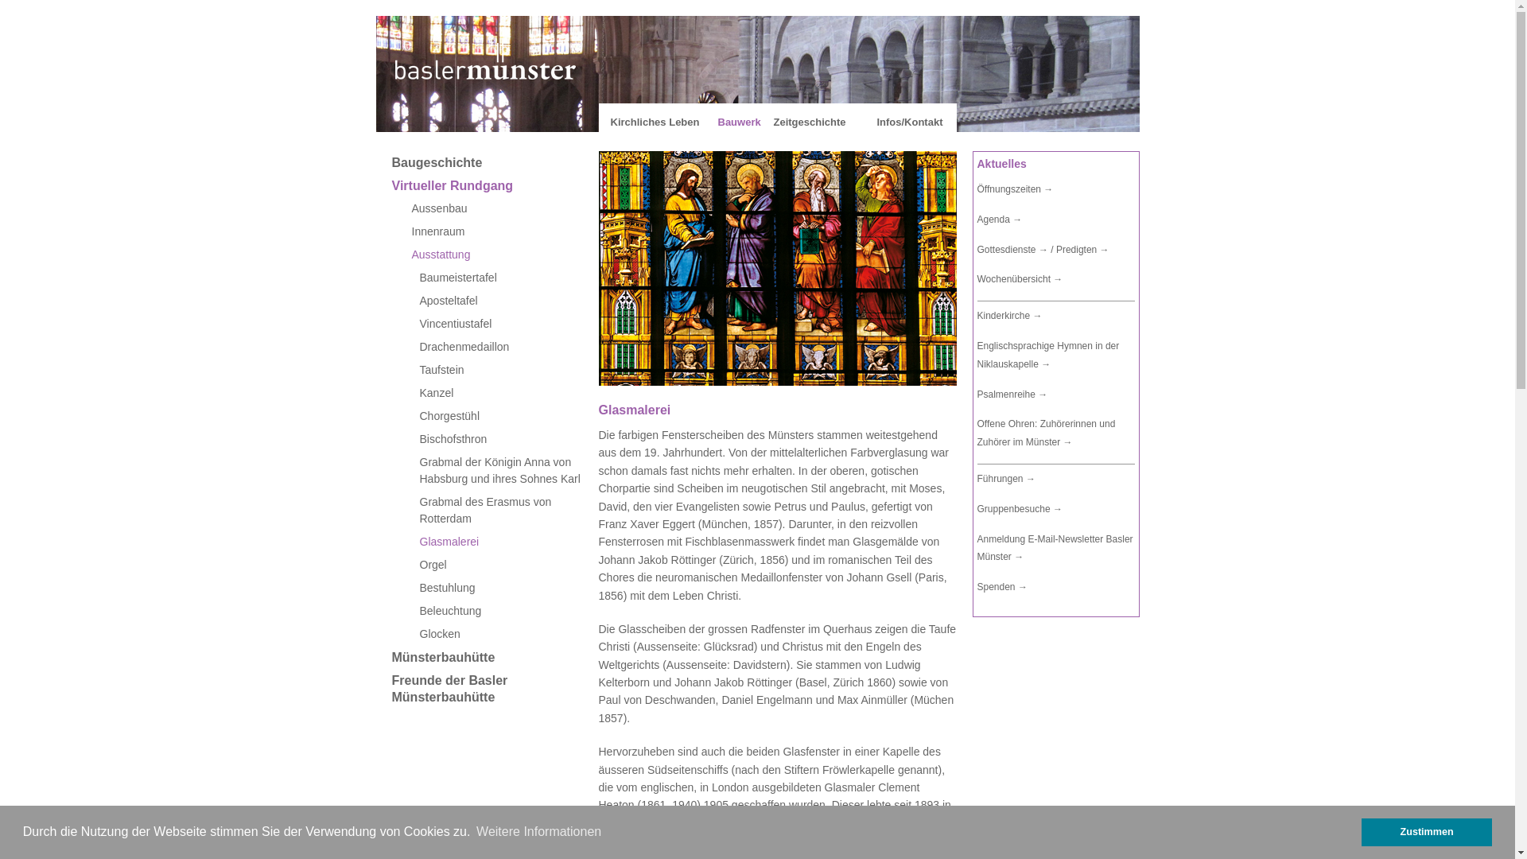  What do you see at coordinates (498, 370) in the screenshot?
I see `'Taufstein'` at bounding box center [498, 370].